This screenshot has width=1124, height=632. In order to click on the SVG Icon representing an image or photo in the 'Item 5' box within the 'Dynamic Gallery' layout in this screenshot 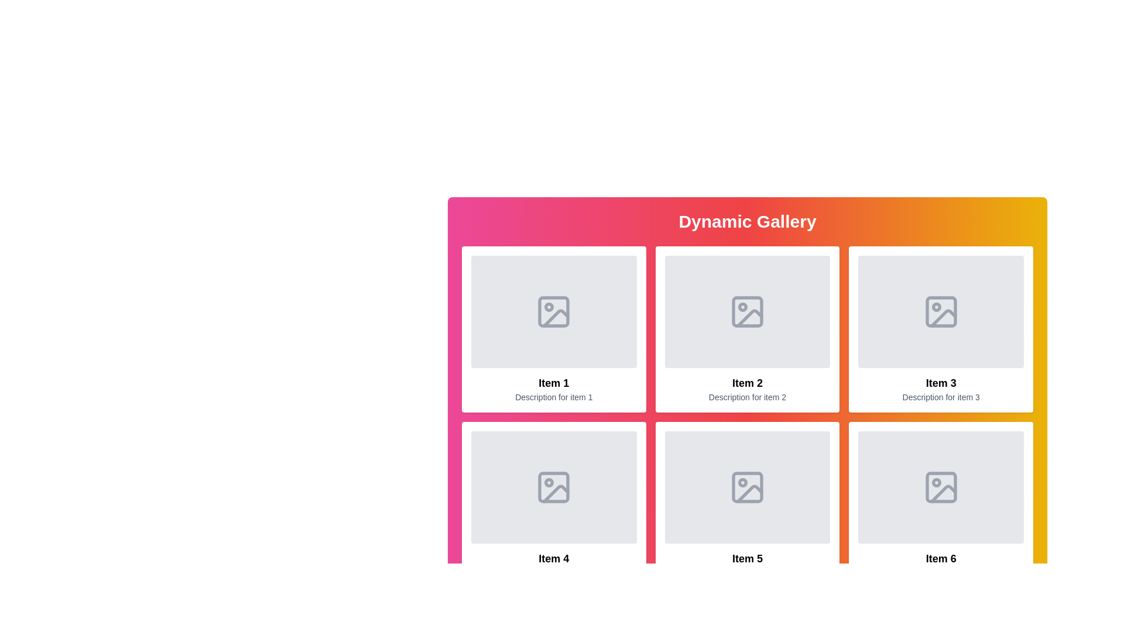, I will do `click(746, 487)`.